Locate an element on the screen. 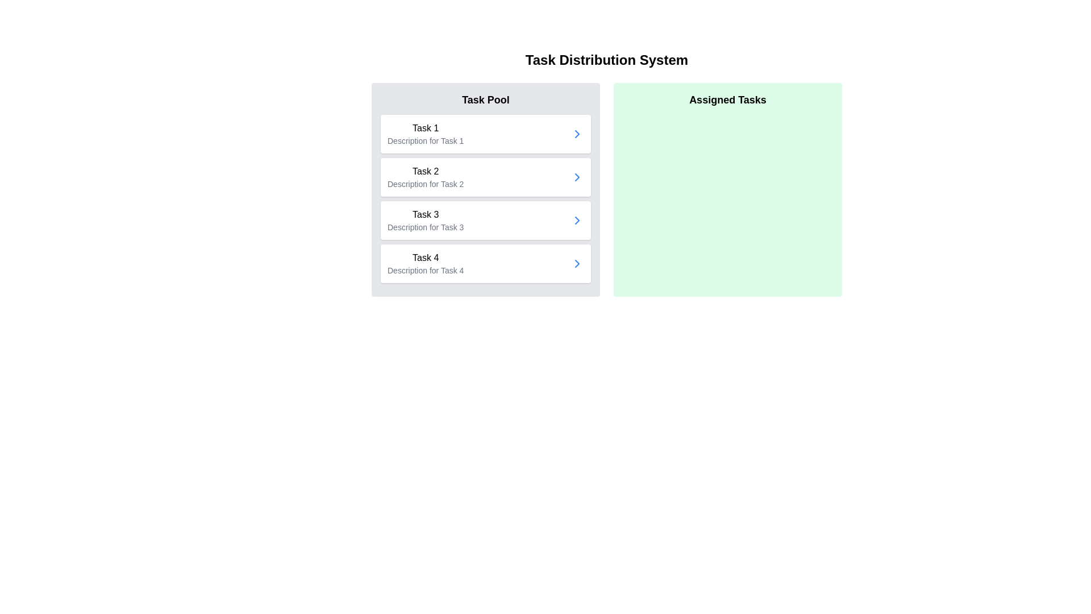 The image size is (1091, 614). the 'Assigned Tasks' title or heading located in the green-colored content area on the right side of the interface is located at coordinates (728, 99).